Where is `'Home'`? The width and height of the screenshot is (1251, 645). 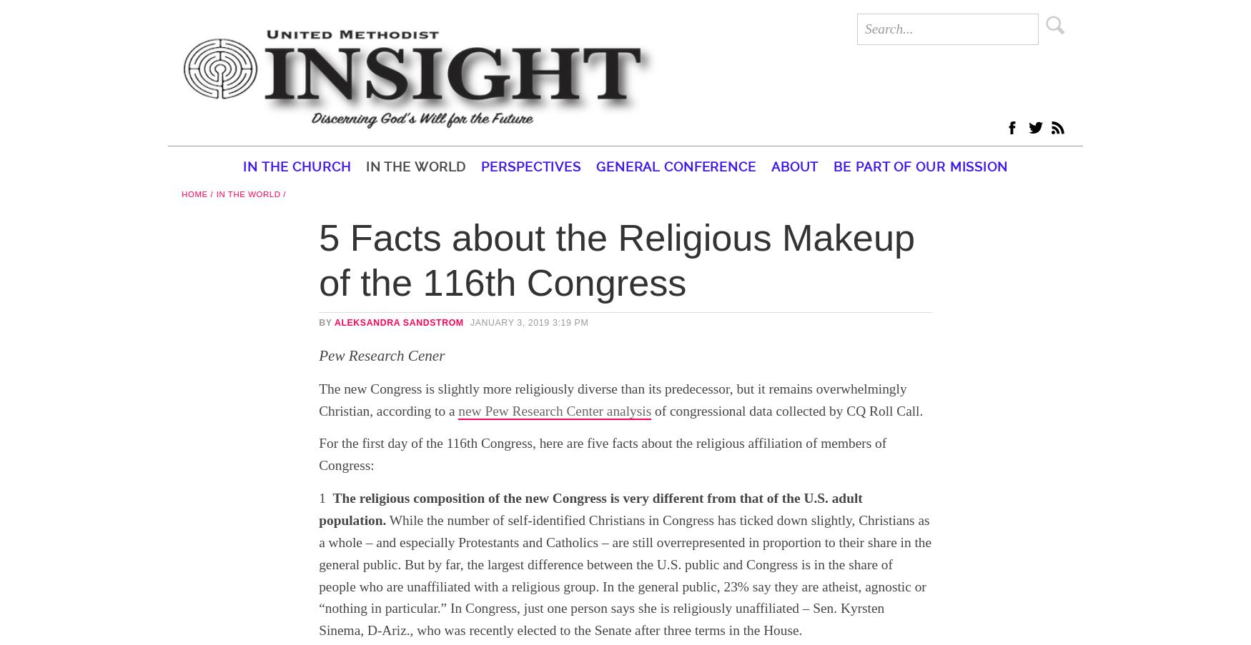 'Home' is located at coordinates (193, 193).